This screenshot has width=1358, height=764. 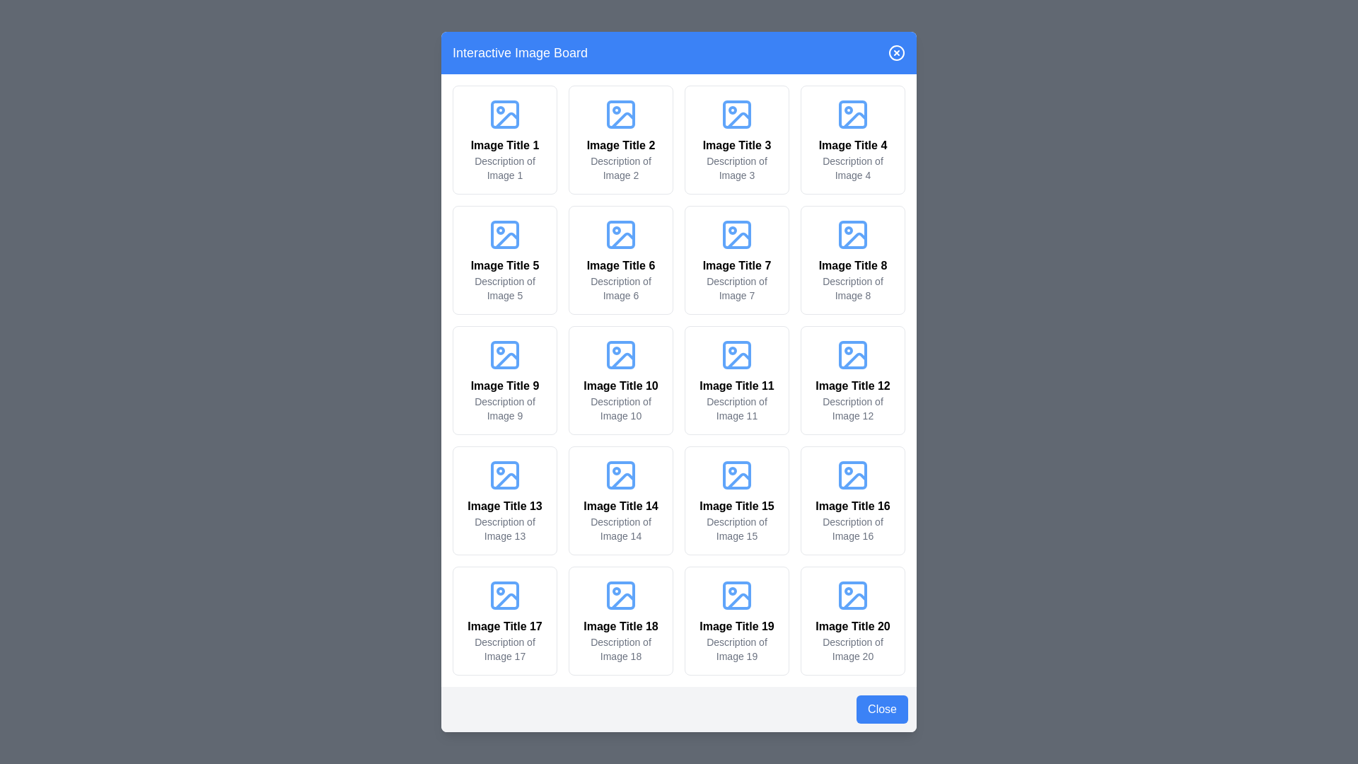 I want to click on the dialog's background overlay to acknowledge its effect, so click(x=679, y=382).